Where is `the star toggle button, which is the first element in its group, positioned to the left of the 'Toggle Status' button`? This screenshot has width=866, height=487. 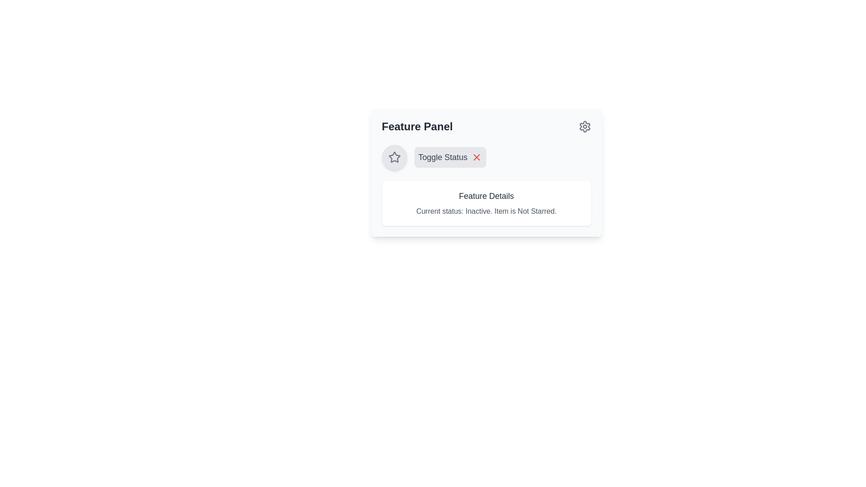
the star toggle button, which is the first element in its group, positioned to the left of the 'Toggle Status' button is located at coordinates (394, 156).